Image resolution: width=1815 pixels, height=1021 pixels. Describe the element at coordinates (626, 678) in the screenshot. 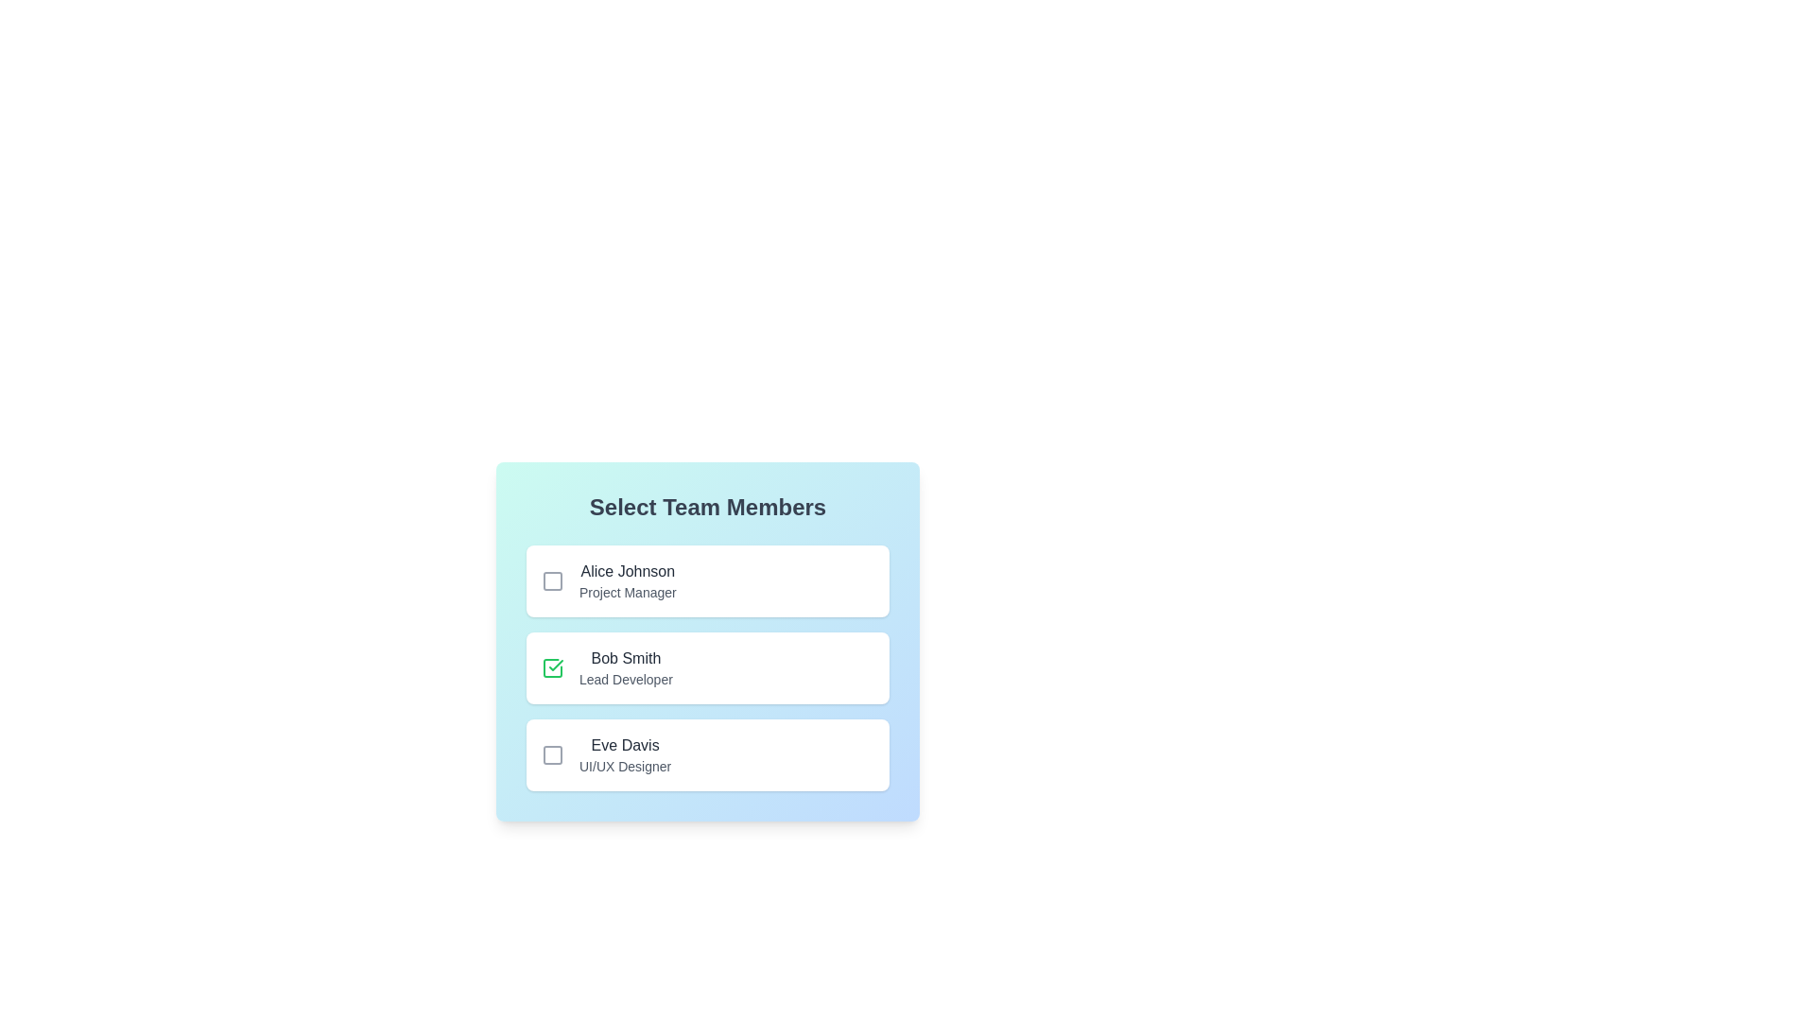

I see `text label located directly beneath 'Bob Smith' in the 'Select Team Members' interface, which serves as a subtitle for the individual` at that location.